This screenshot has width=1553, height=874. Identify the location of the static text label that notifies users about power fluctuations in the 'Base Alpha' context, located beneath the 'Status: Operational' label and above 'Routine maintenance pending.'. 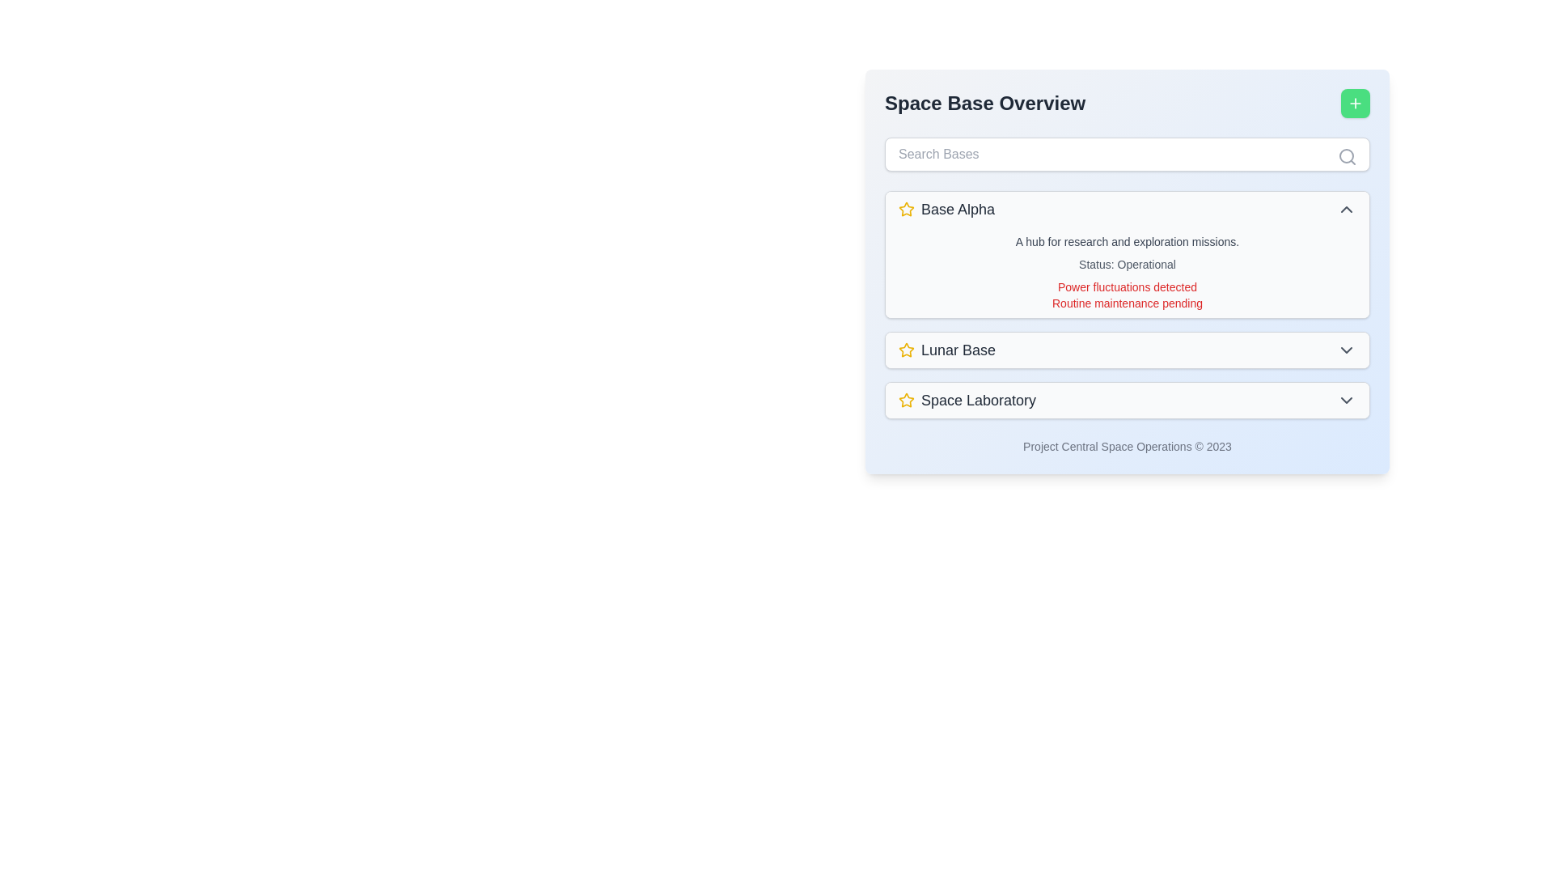
(1126, 286).